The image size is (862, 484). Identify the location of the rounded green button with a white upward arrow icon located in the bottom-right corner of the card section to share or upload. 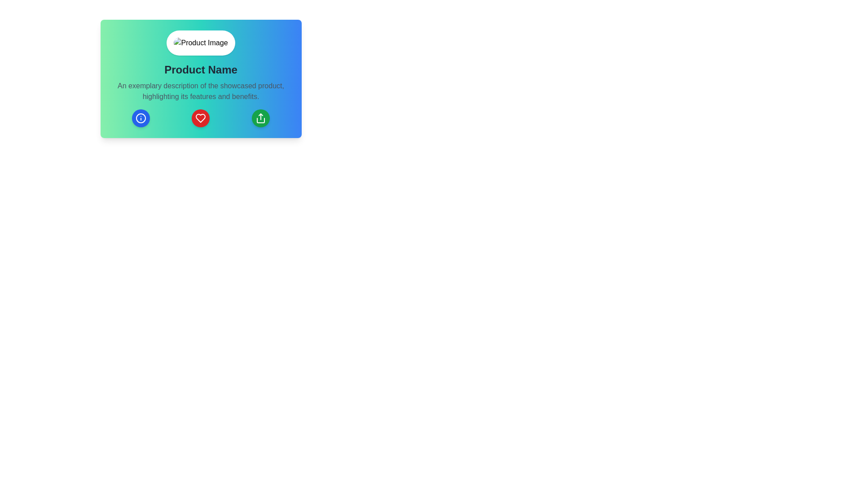
(260, 117).